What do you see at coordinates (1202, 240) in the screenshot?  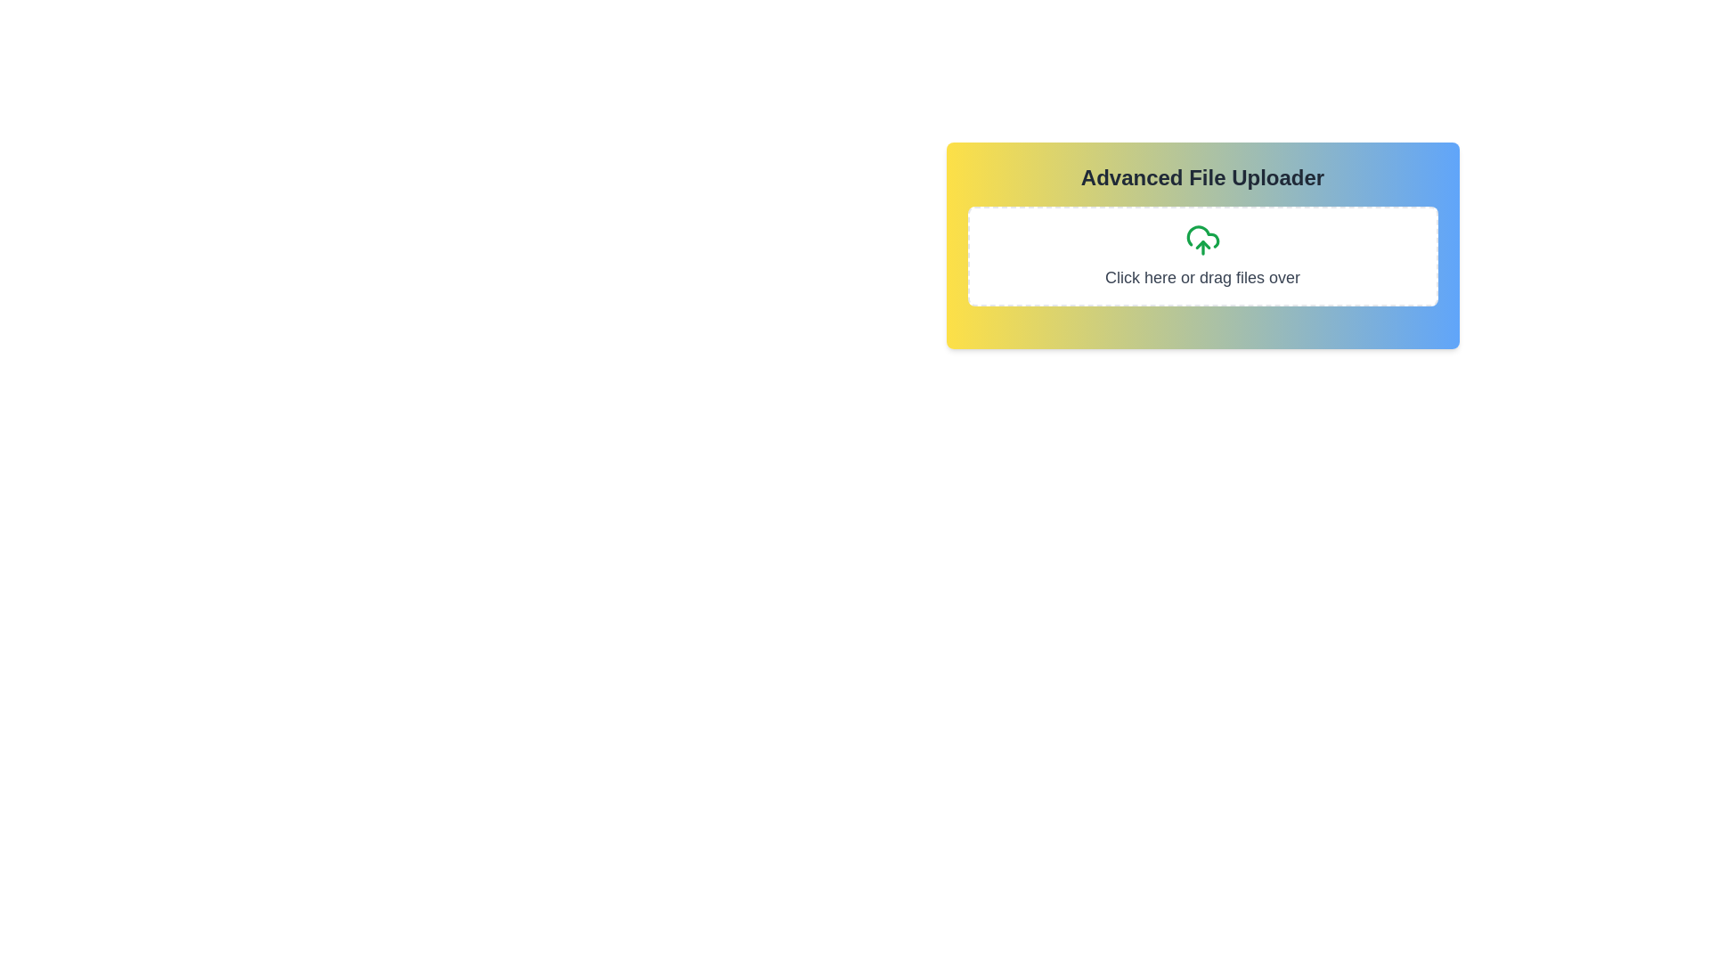 I see `the file upload icon located at the center of the 'Click here or drag files over' section of the 'Advanced File Uploader' interface` at bounding box center [1202, 240].